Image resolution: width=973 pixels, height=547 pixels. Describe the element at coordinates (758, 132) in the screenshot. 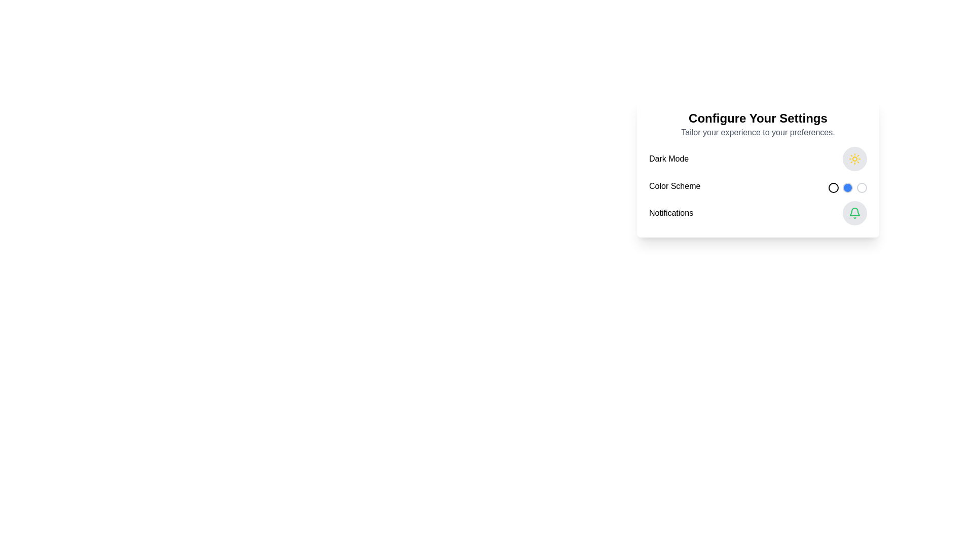

I see `the static text label that reads 'Tailor your experience to your preferences.' which is located below the heading 'Configure Your Settings.'` at that location.